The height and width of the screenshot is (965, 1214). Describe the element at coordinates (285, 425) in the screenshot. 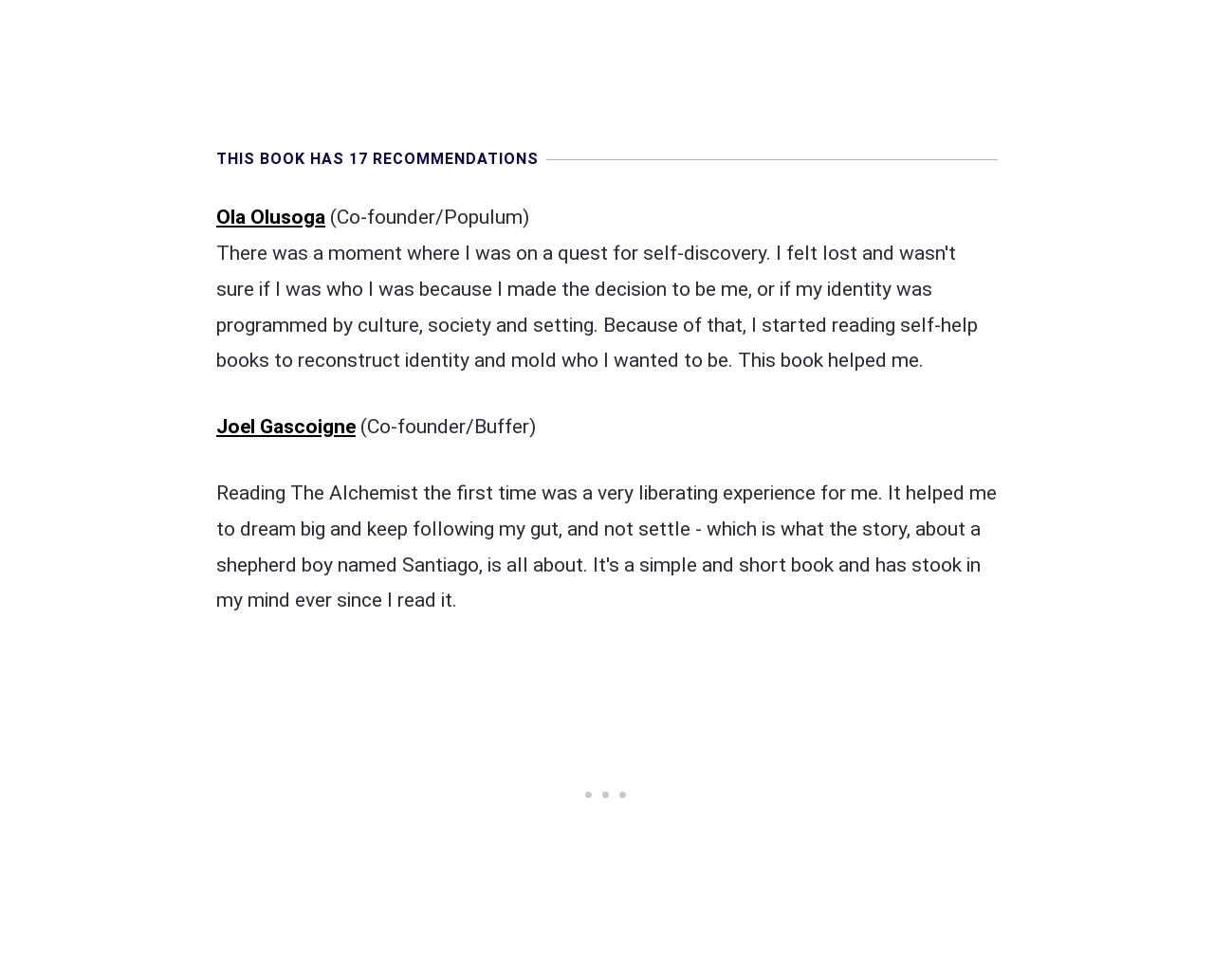

I see `'Joel Gascoigne'` at that location.